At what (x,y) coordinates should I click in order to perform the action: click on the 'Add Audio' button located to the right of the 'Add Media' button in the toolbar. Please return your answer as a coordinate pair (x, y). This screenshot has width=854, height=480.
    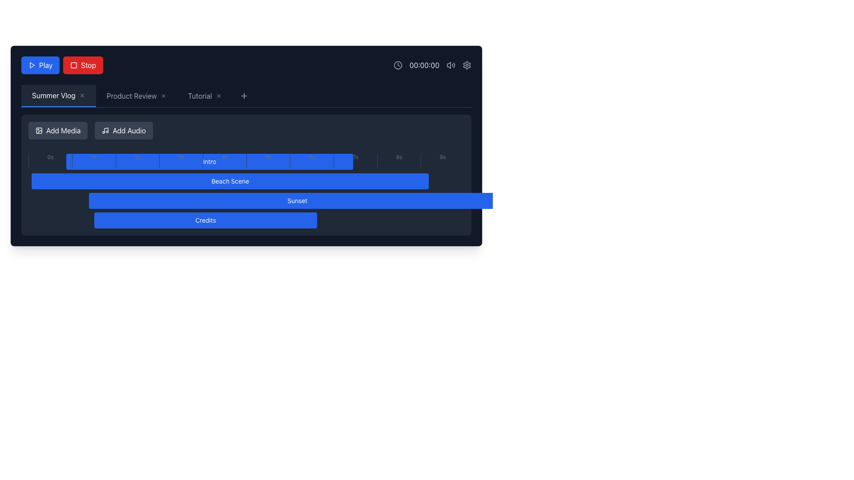
    Looking at the image, I should click on (123, 130).